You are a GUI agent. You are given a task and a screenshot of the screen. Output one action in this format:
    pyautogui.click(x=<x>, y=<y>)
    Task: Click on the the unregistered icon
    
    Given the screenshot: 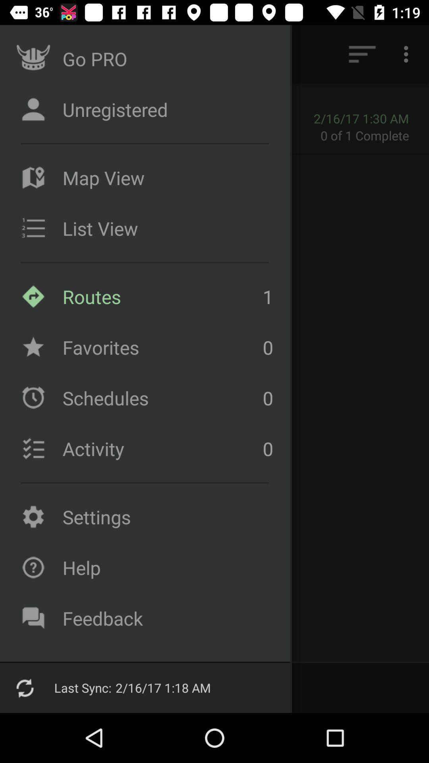 What is the action you would take?
    pyautogui.click(x=33, y=108)
    